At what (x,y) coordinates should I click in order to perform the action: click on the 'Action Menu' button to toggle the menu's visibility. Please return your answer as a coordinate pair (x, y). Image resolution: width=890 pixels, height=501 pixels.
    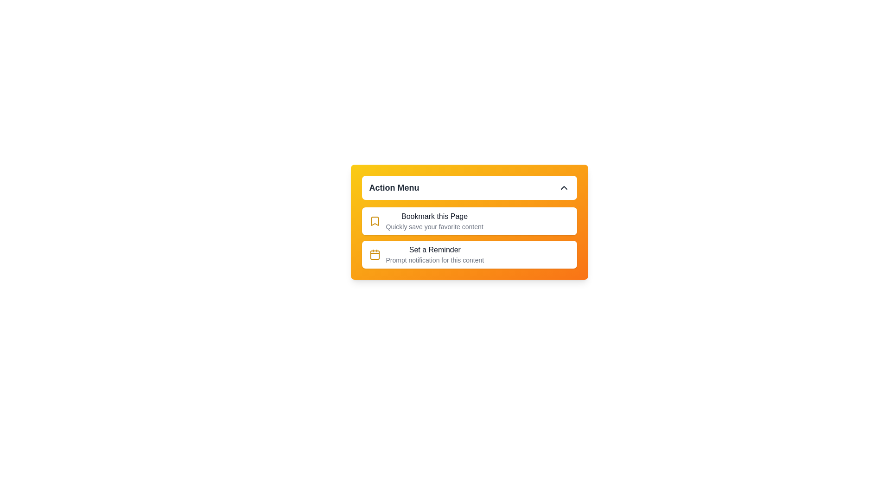
    Looking at the image, I should click on (469, 188).